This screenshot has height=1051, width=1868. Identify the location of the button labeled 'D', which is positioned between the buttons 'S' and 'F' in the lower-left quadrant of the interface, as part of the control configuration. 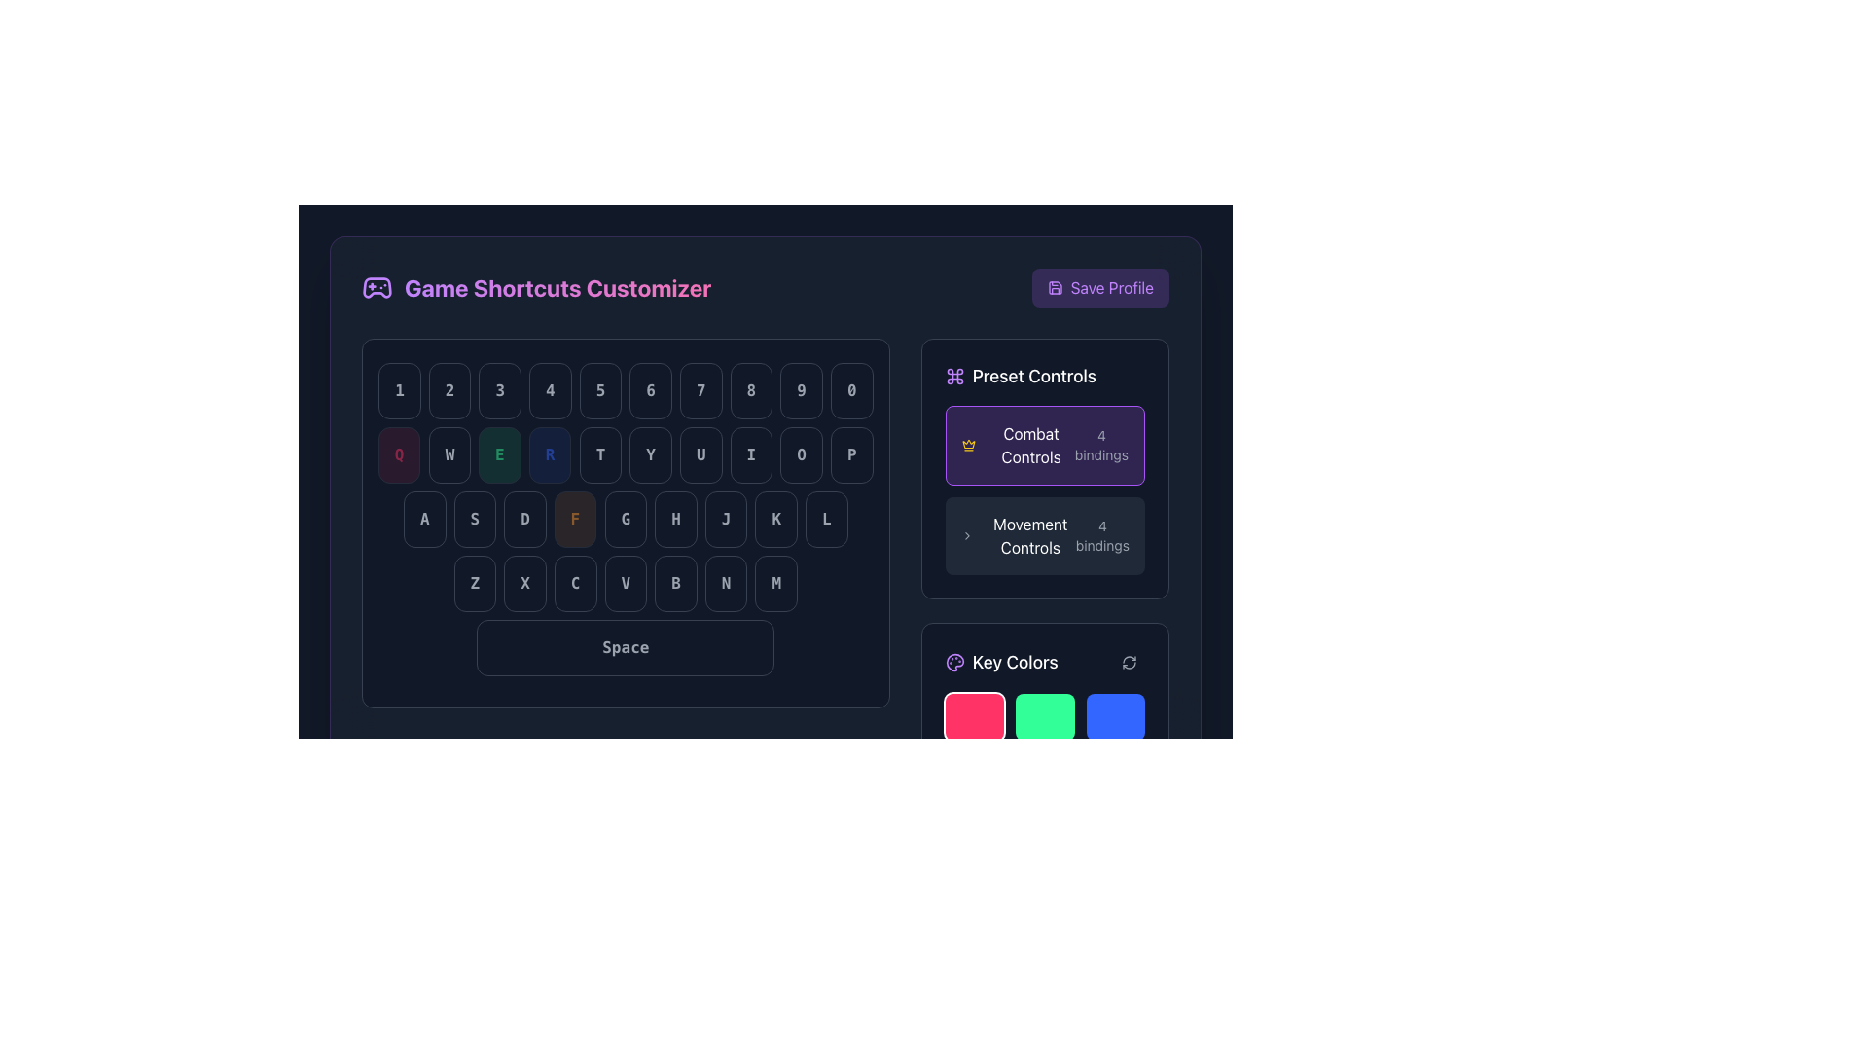
(525, 518).